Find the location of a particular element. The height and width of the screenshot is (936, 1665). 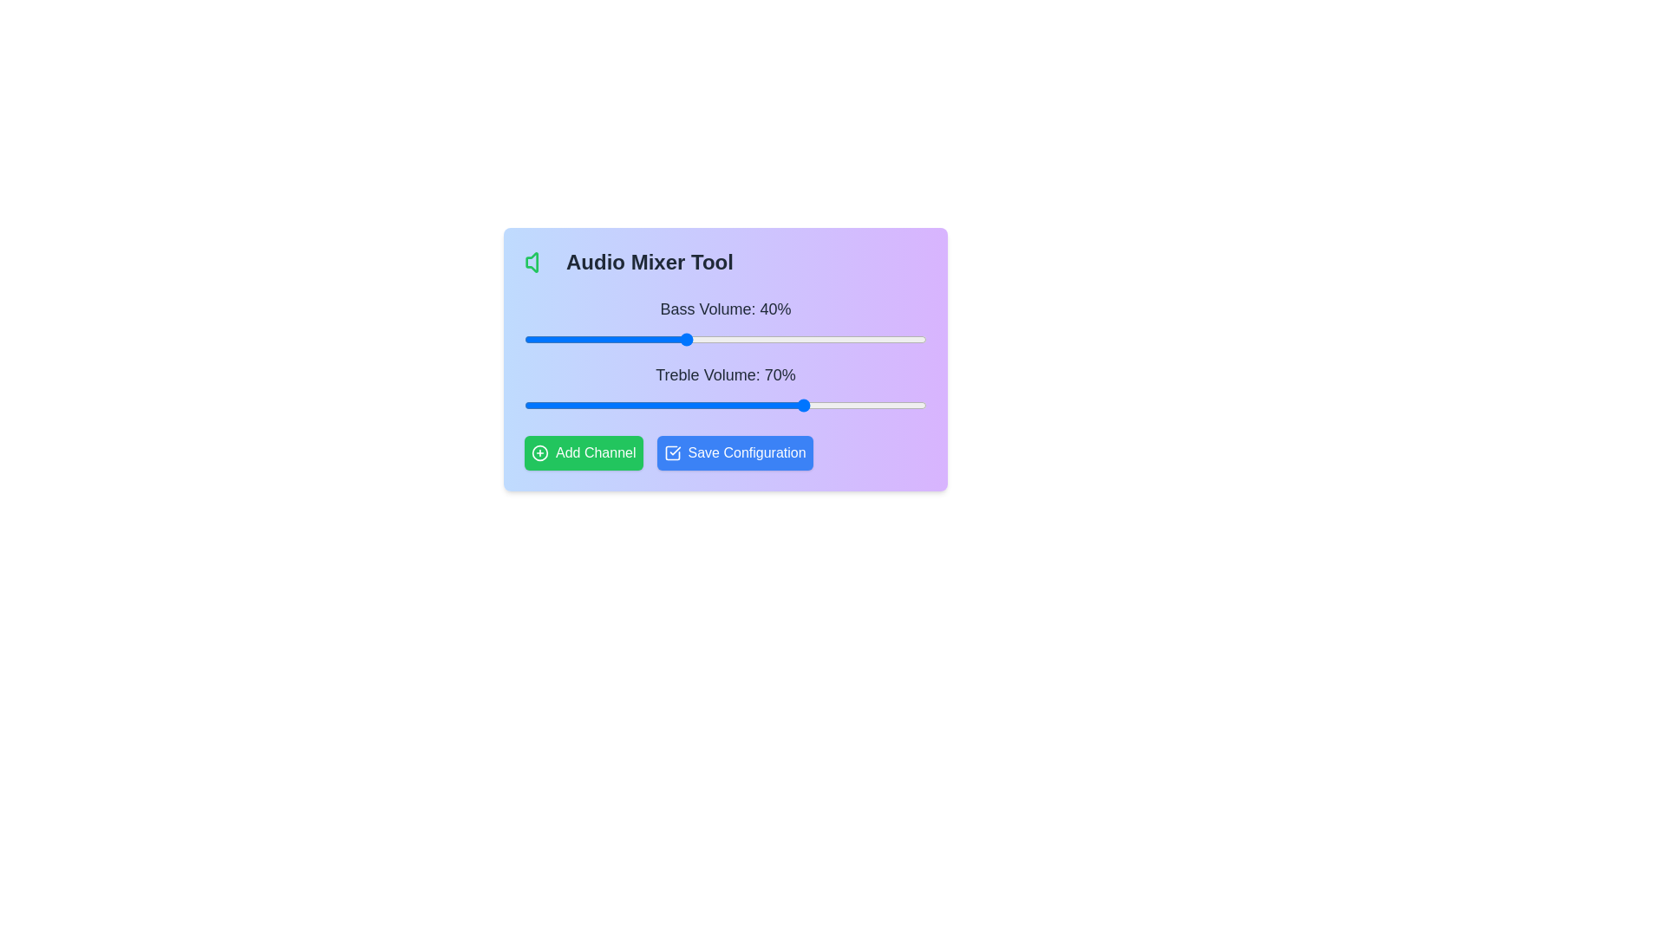

treble volume is located at coordinates (697, 405).